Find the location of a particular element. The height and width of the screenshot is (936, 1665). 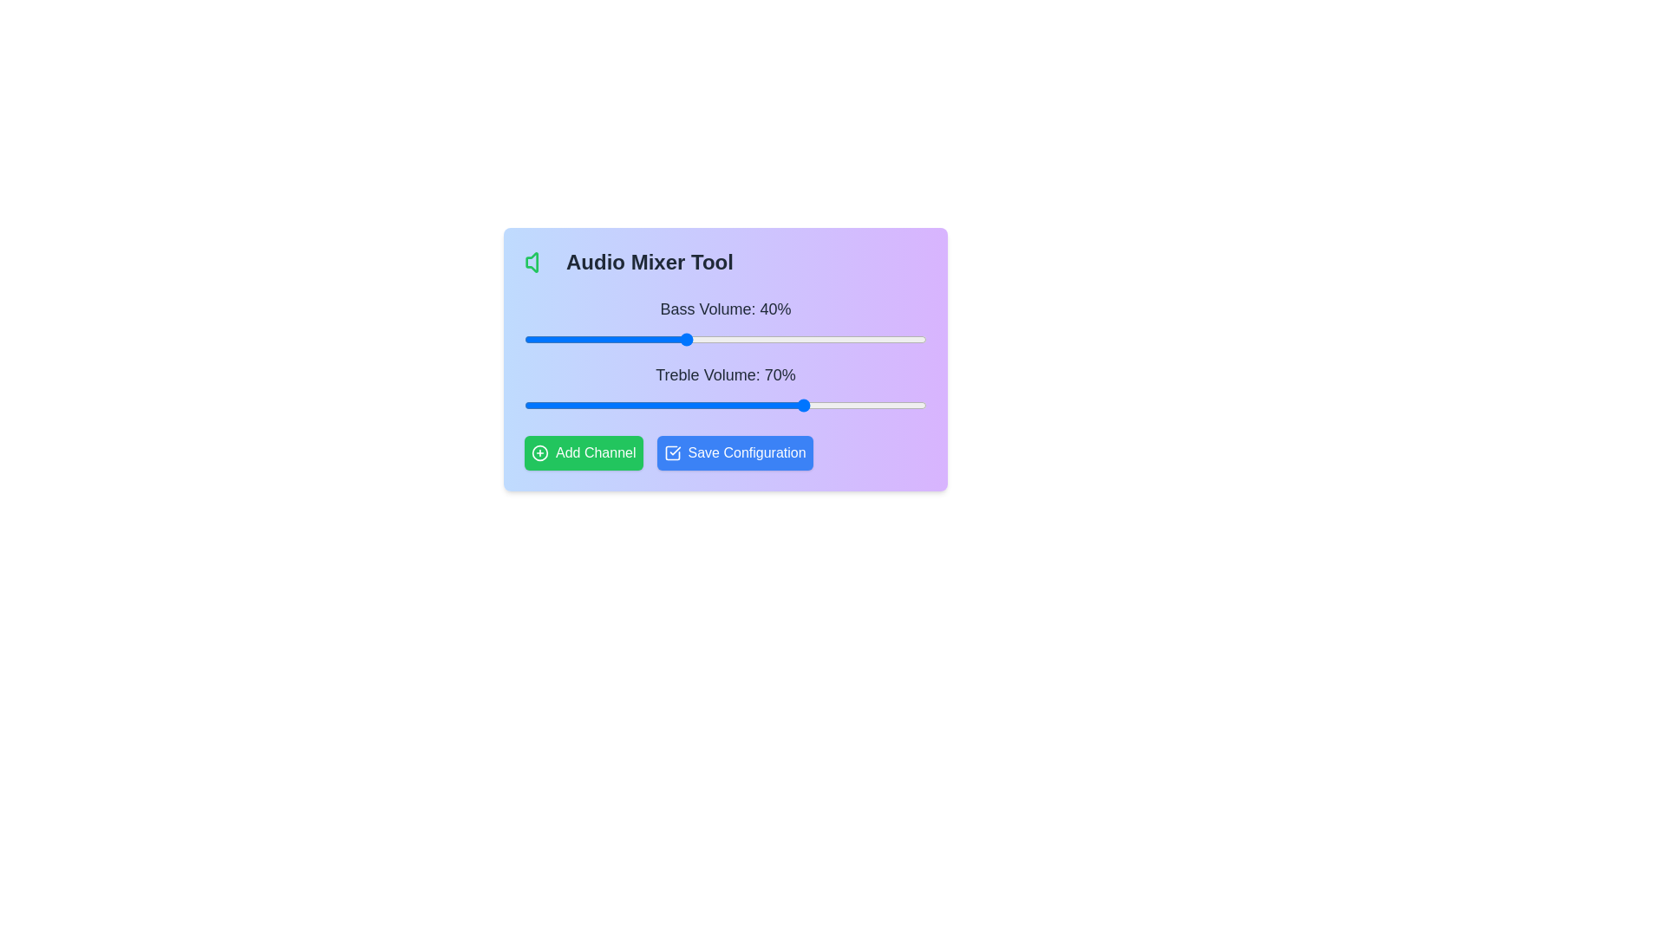

treble volume is located at coordinates (697, 405).